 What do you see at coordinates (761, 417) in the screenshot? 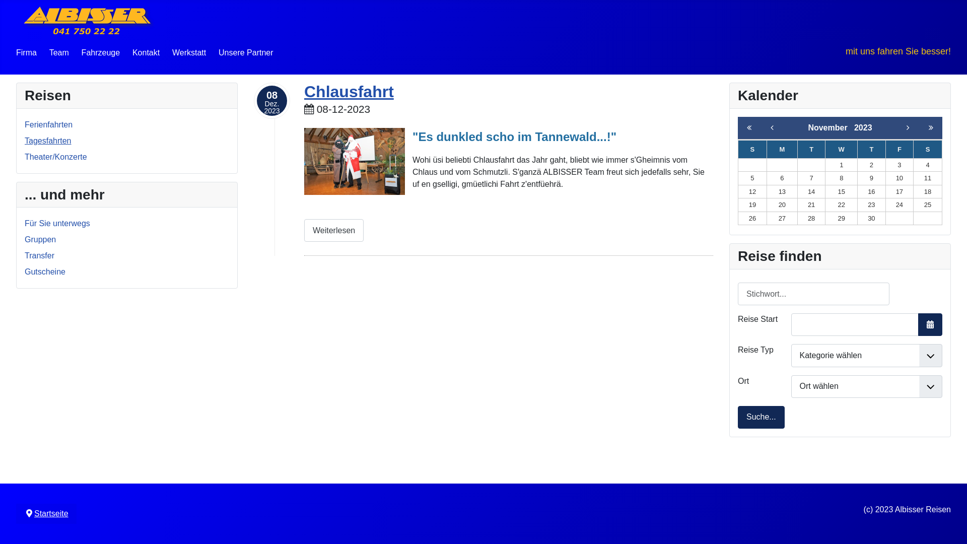
I see `'Suche...'` at bounding box center [761, 417].